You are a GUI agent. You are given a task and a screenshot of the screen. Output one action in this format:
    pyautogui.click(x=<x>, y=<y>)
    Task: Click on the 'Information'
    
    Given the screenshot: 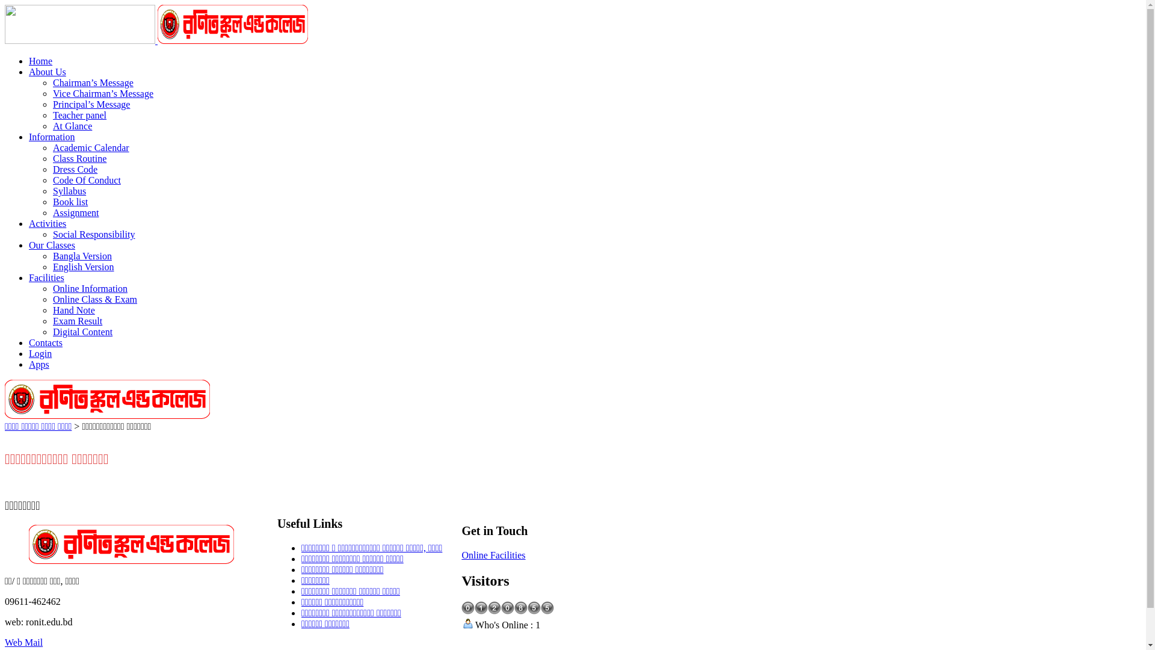 What is the action you would take?
    pyautogui.click(x=29, y=136)
    